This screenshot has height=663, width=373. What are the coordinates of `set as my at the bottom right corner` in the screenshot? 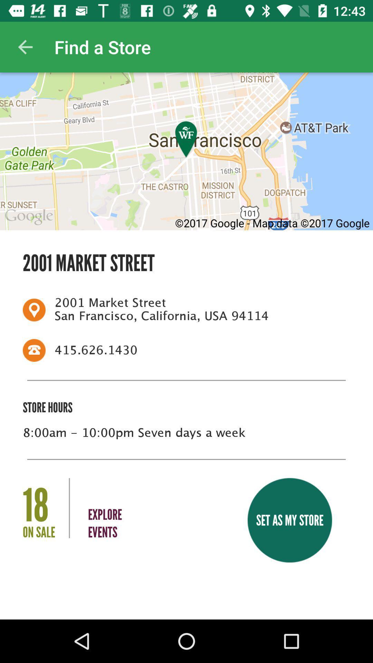 It's located at (290, 520).